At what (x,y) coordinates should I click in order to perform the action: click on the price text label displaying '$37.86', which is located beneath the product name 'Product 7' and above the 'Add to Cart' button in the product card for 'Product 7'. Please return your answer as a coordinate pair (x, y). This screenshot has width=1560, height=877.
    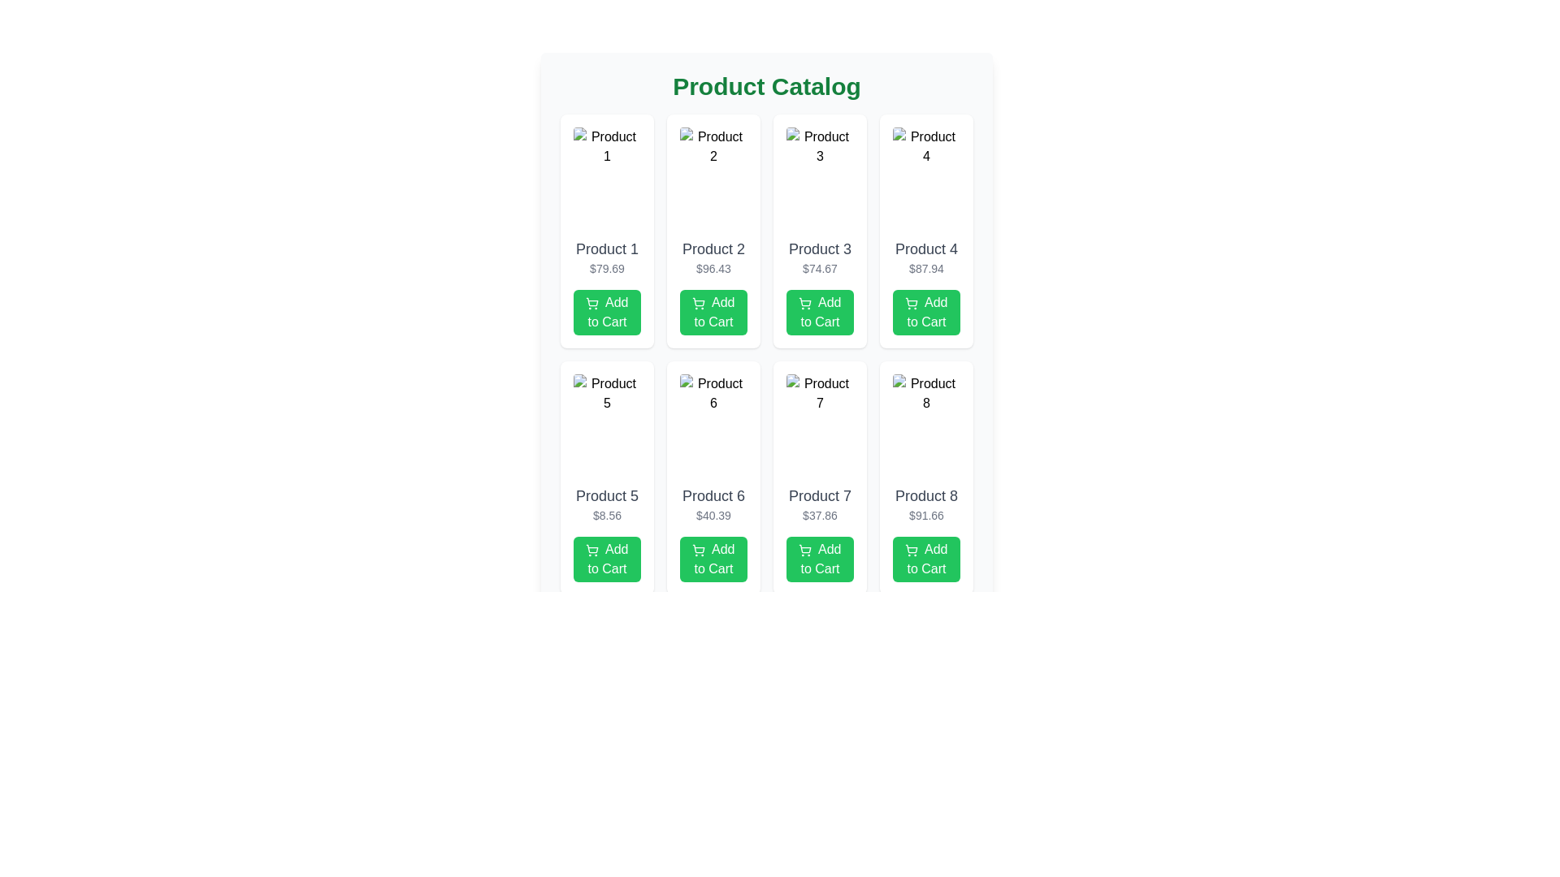
    Looking at the image, I should click on (820, 516).